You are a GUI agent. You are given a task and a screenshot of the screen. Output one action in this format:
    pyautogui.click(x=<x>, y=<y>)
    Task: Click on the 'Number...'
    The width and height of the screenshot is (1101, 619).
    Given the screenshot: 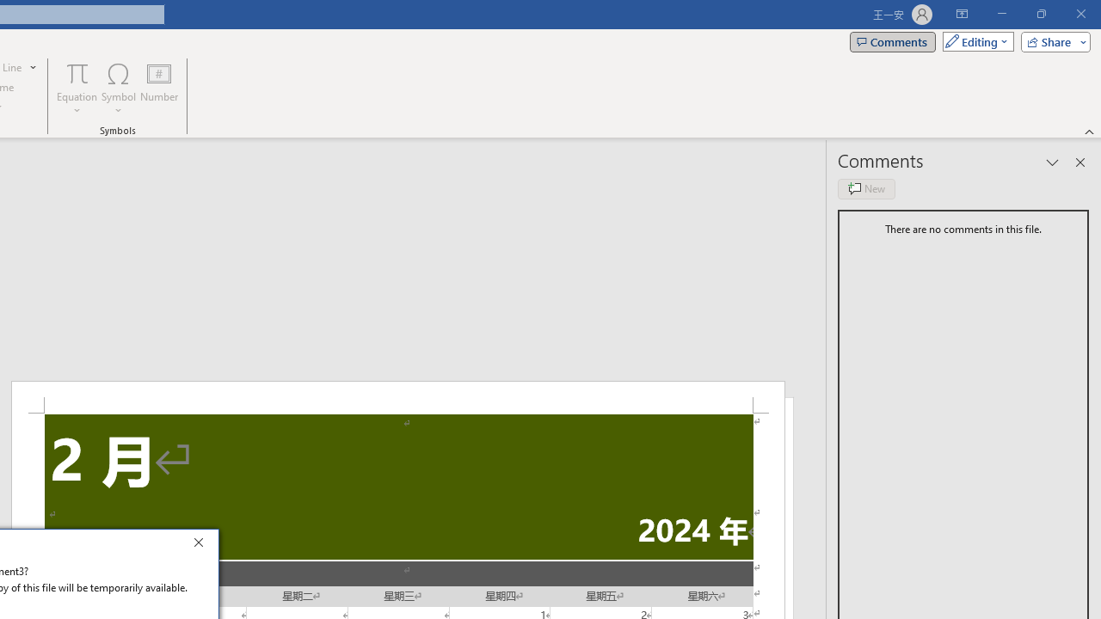 What is the action you would take?
    pyautogui.click(x=159, y=89)
    